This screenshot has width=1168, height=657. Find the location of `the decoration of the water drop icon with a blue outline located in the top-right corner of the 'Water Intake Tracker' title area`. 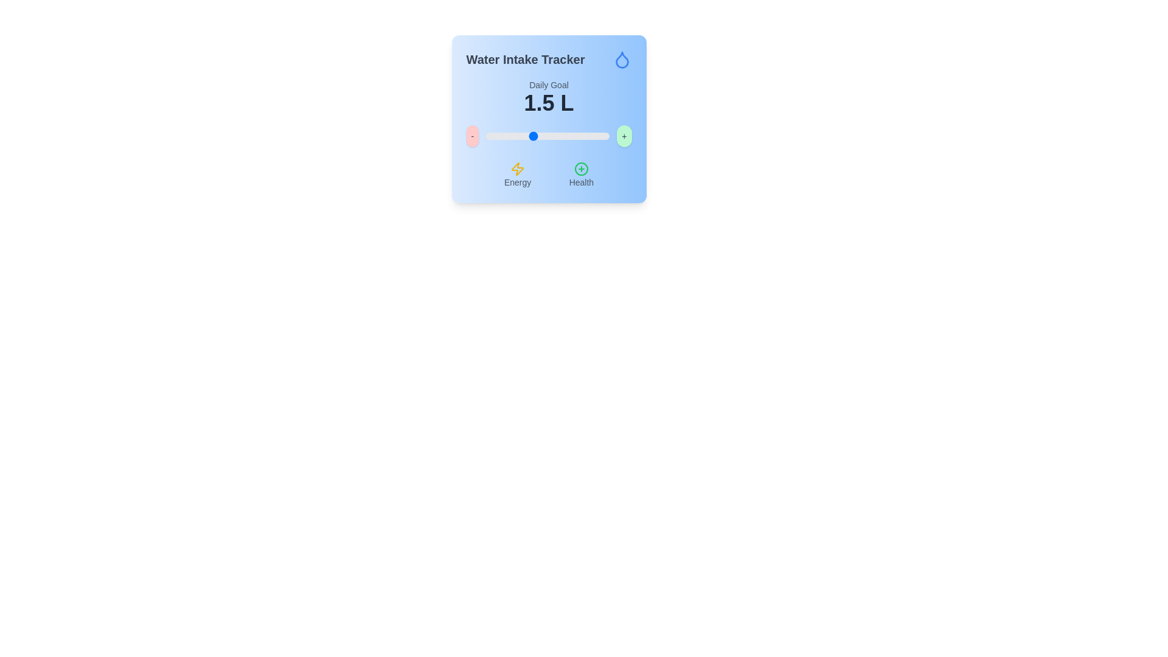

the decoration of the water drop icon with a blue outline located in the top-right corner of the 'Water Intake Tracker' title area is located at coordinates (622, 59).